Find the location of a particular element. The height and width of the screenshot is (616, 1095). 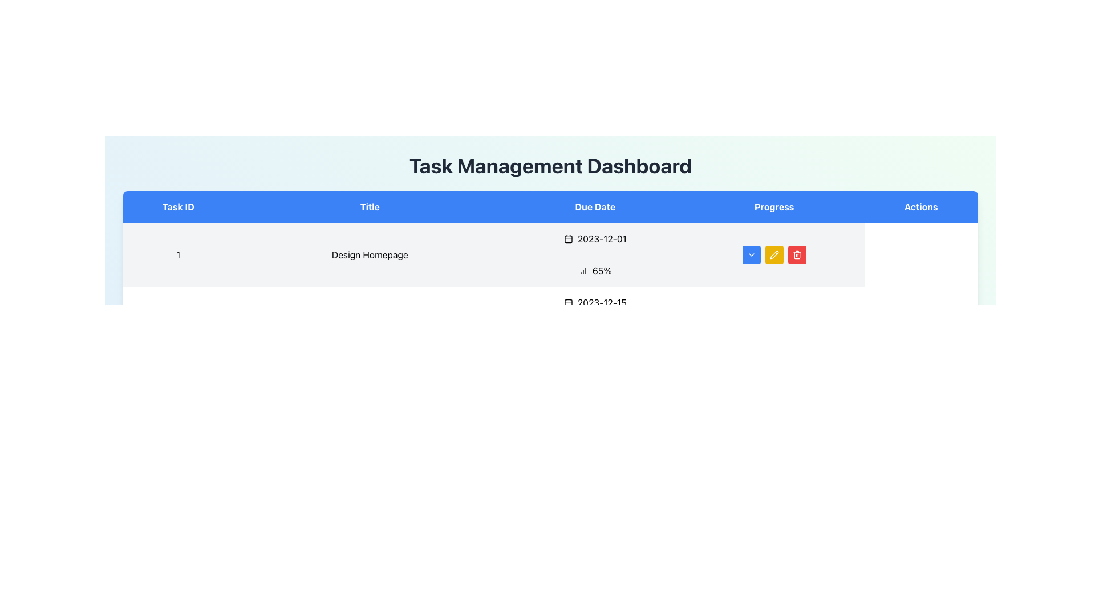

the first column header cell of the table, which indicates task identifiers is located at coordinates (177, 206).